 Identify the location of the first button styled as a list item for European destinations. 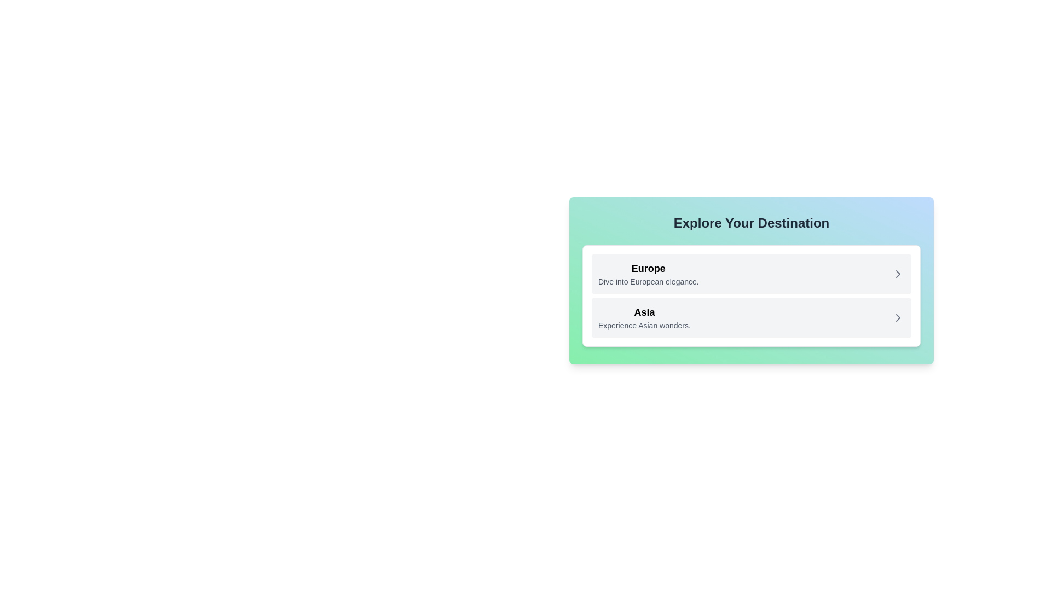
(750, 274).